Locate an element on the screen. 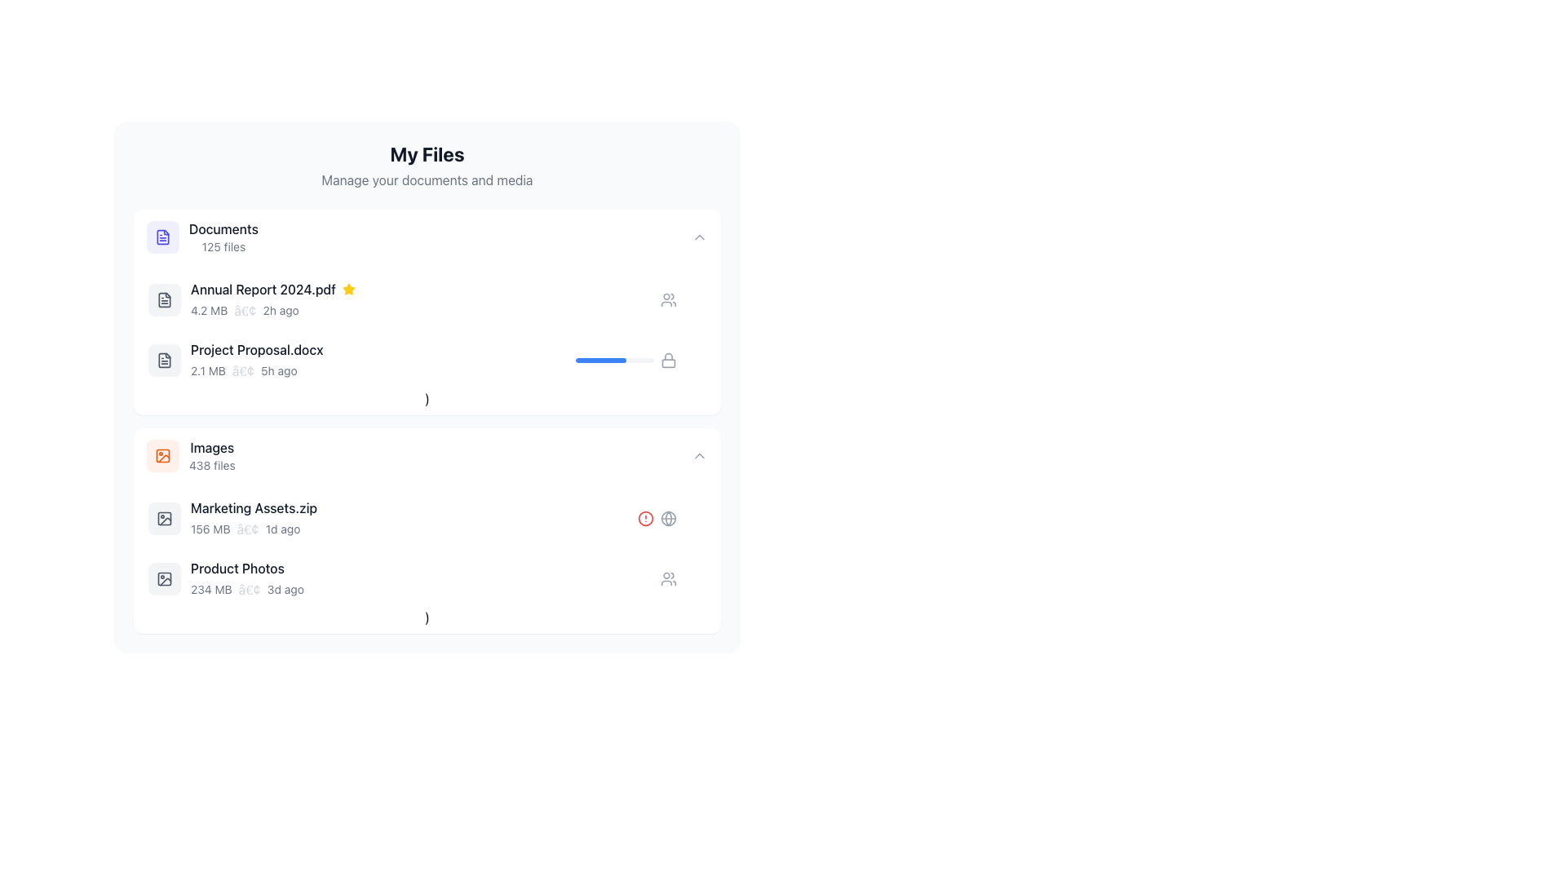  the options button represented as three horizontally aligned dots is located at coordinates (694, 578).